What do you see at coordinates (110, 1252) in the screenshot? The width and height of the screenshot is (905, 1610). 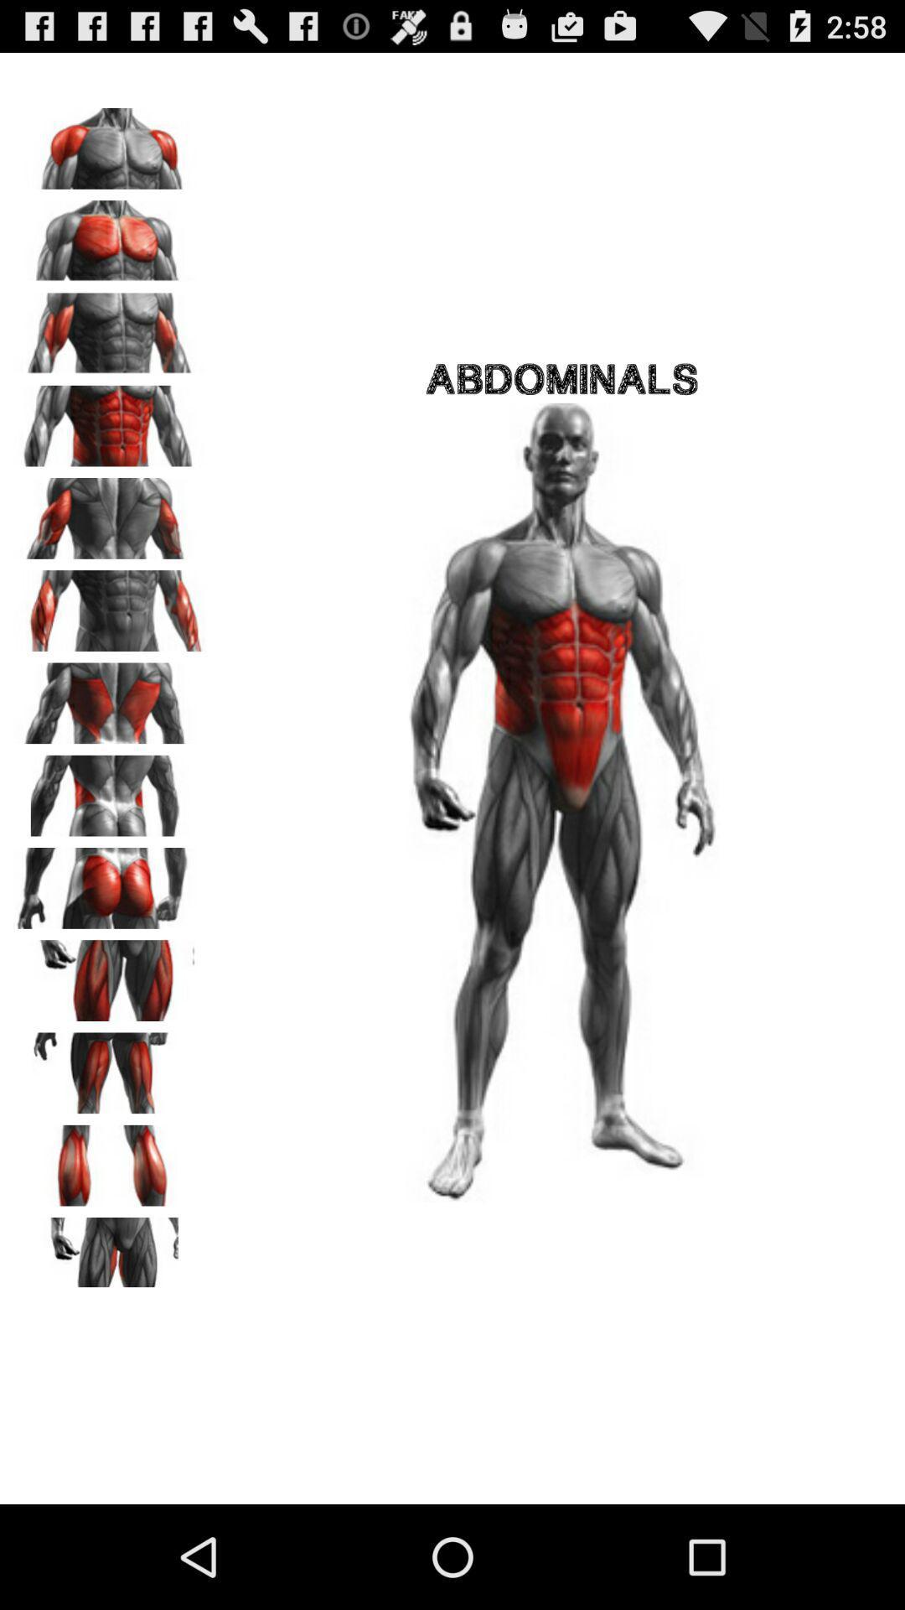 I see `groin muscles` at bounding box center [110, 1252].